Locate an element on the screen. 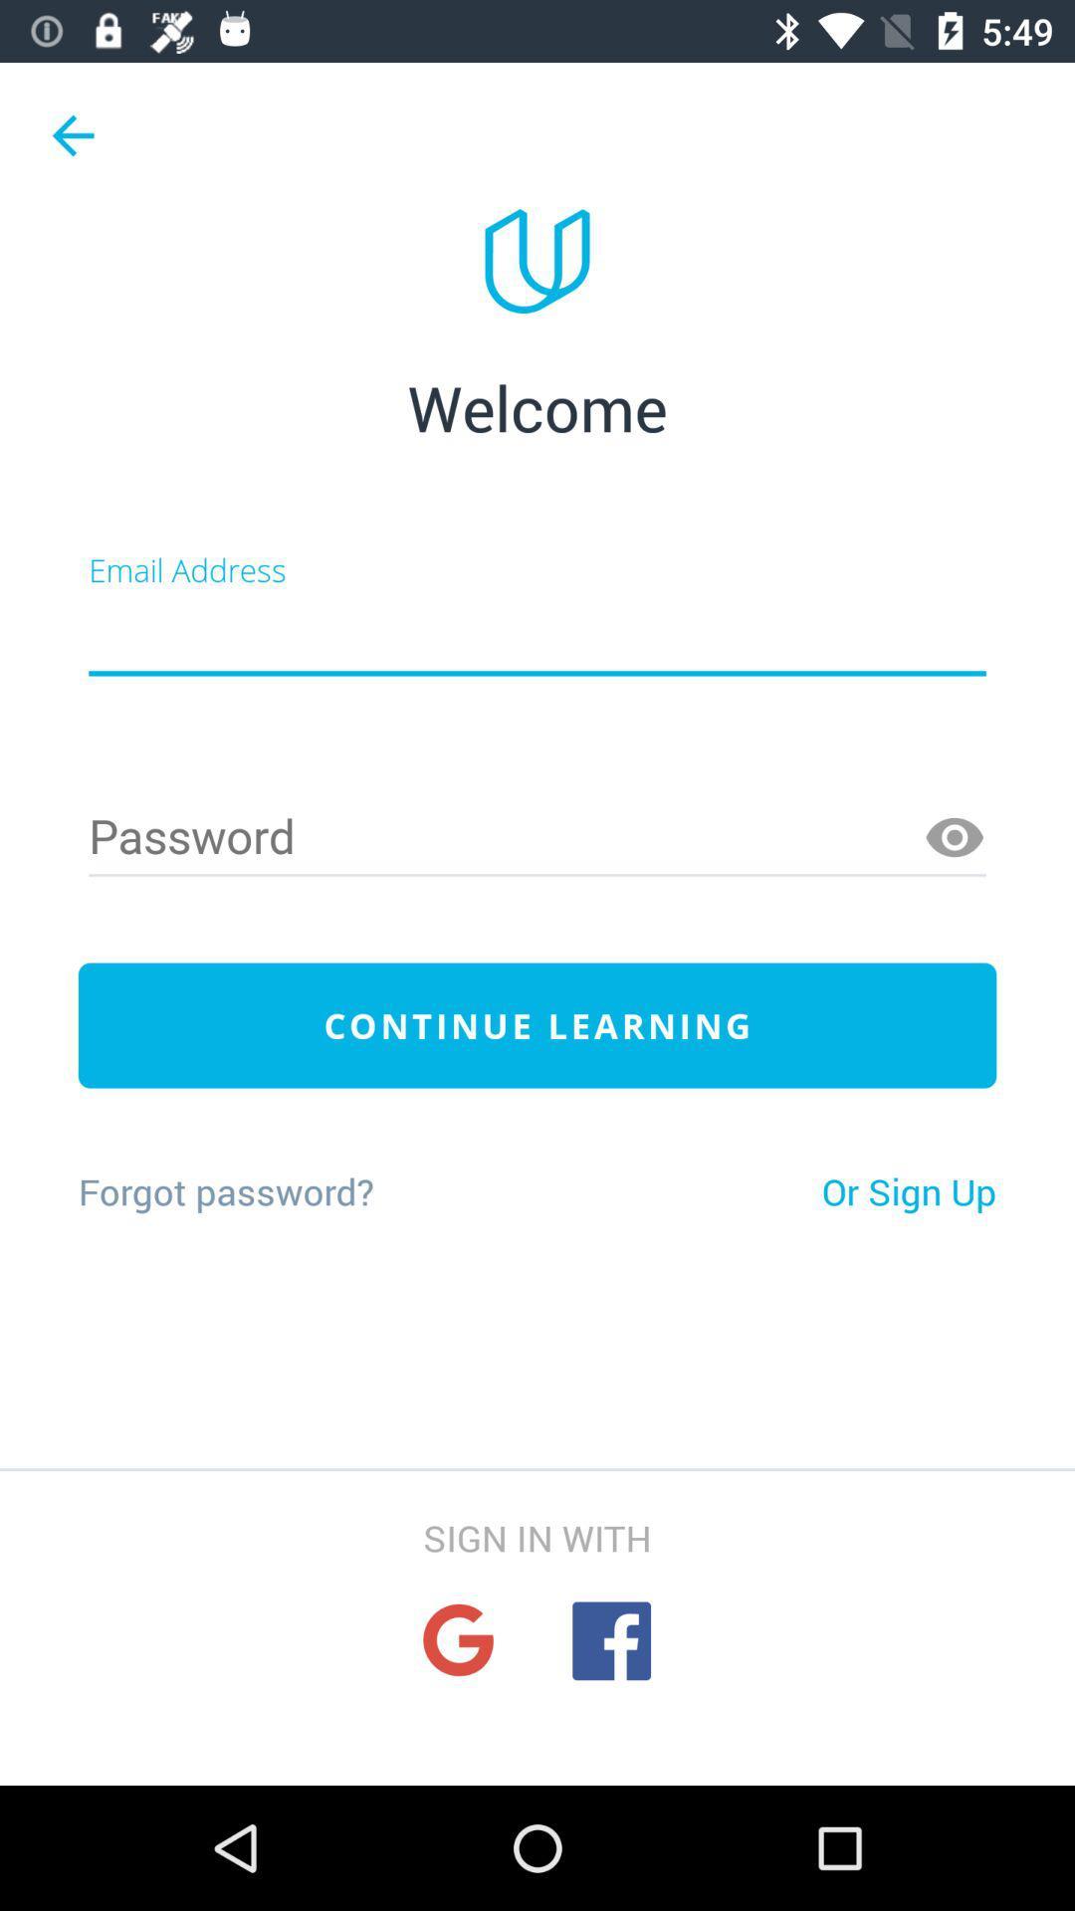 The image size is (1075, 1911). make password visible is located at coordinates (954, 838).